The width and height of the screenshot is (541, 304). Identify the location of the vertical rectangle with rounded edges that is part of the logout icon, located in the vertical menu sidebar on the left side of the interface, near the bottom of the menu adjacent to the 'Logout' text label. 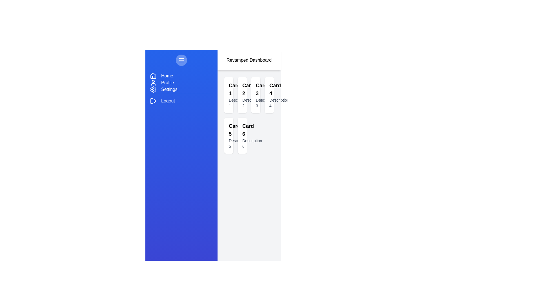
(151, 100).